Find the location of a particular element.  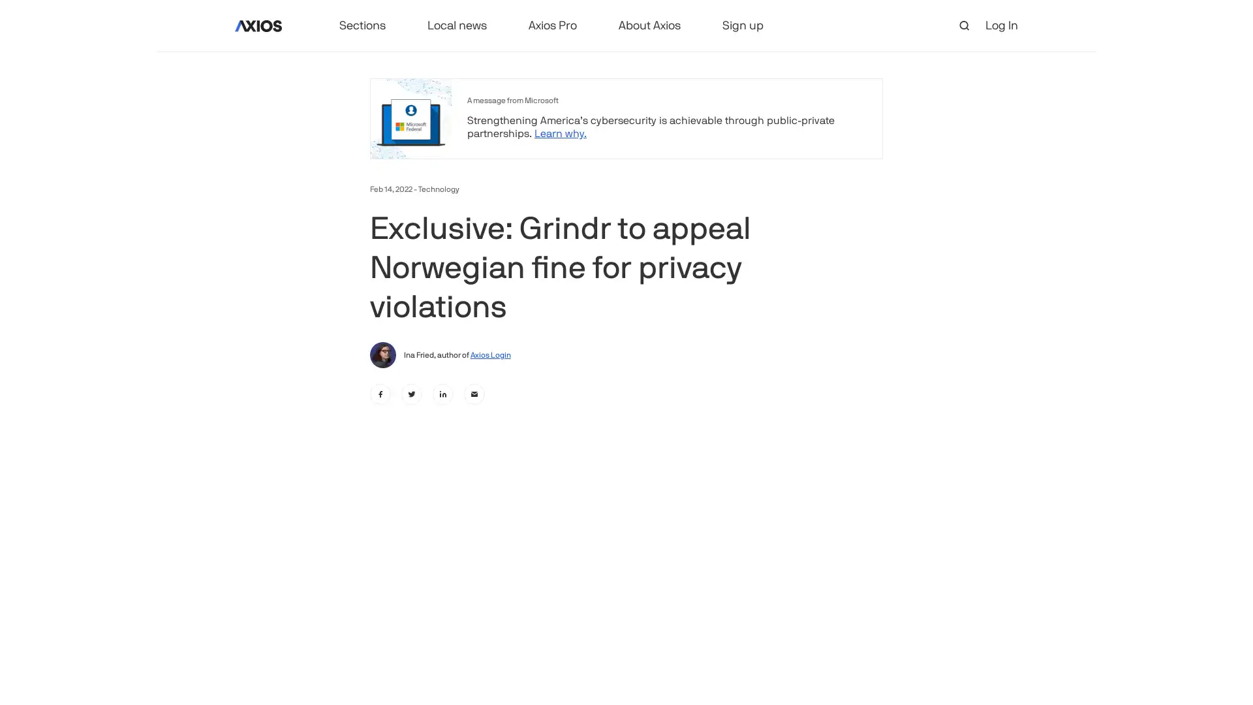

linkedin is located at coordinates (442, 394).